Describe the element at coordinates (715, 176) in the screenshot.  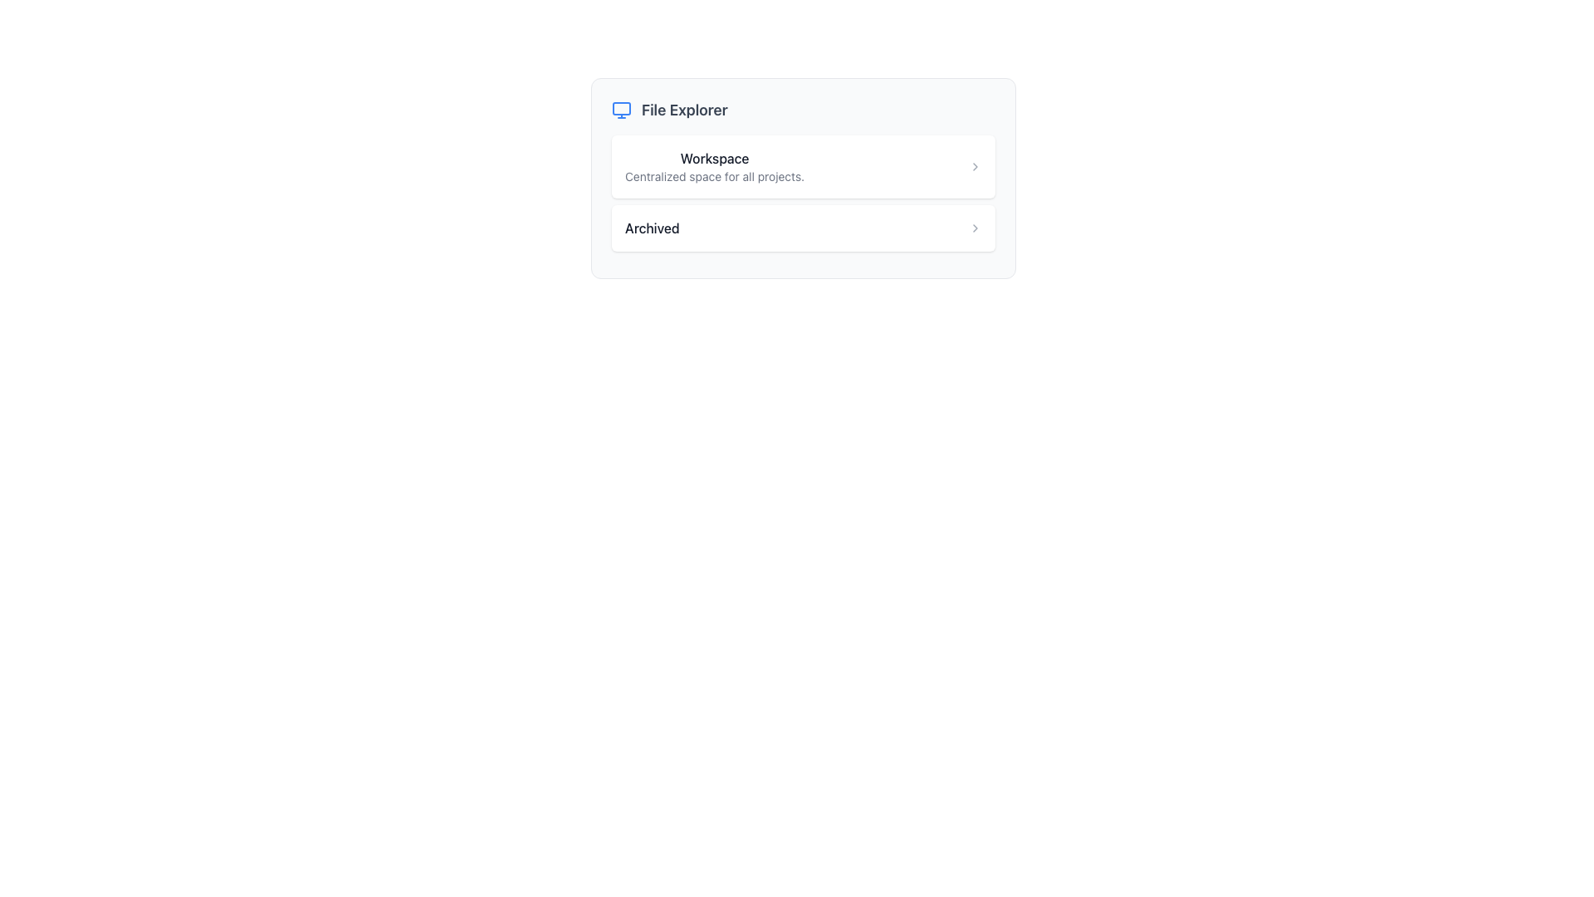
I see `the text snippet reading 'Centralized space for all projects.' which is styled with a smaller font size and grey color, located beneath the 'Workspace' header in the 'File Explorer' panel` at that location.